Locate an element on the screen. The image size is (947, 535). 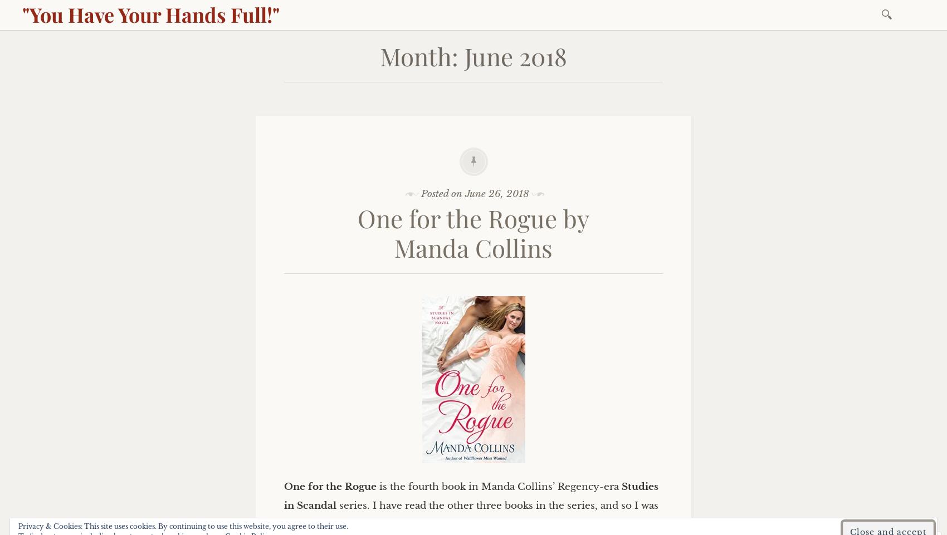
'One for the Rogue' is located at coordinates (329, 485).